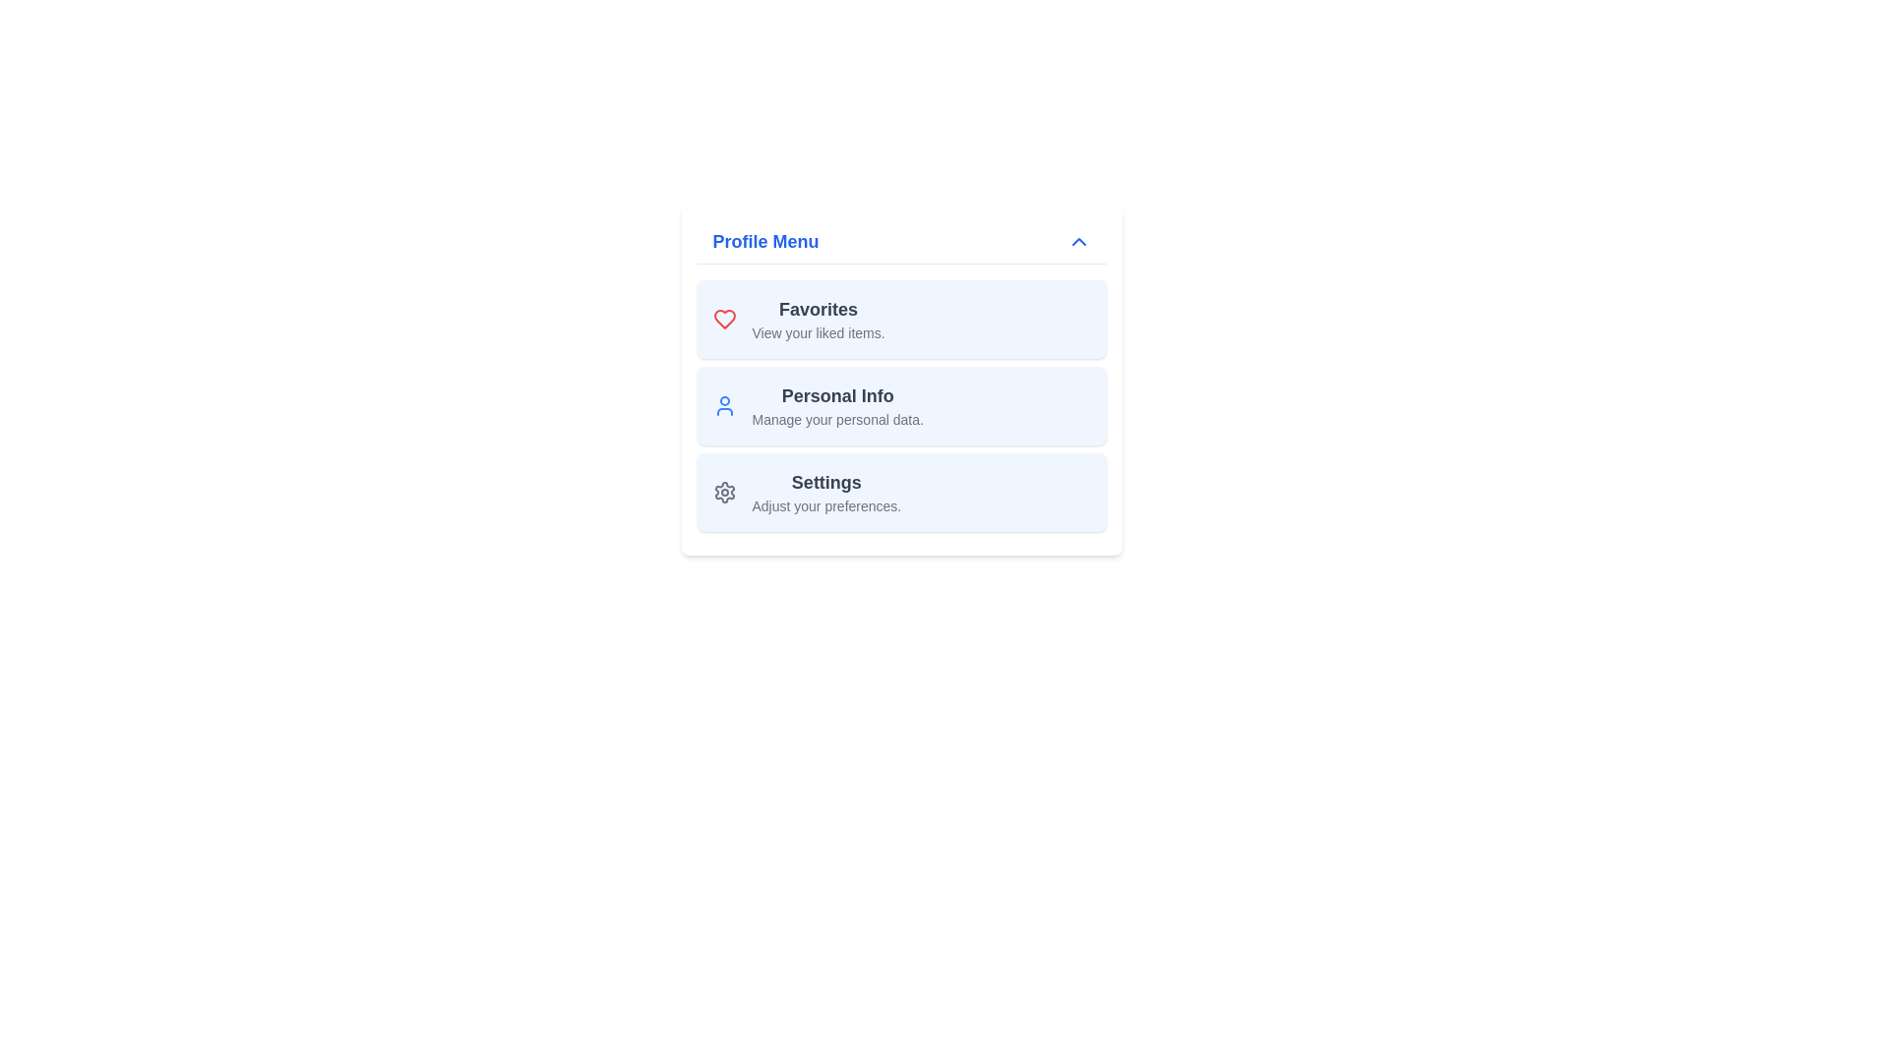 The width and height of the screenshot is (1889, 1062). I want to click on the text label displaying 'Manage your personal data.' which is located below the 'Personal Info' label in the personal information settings section, so click(837, 419).